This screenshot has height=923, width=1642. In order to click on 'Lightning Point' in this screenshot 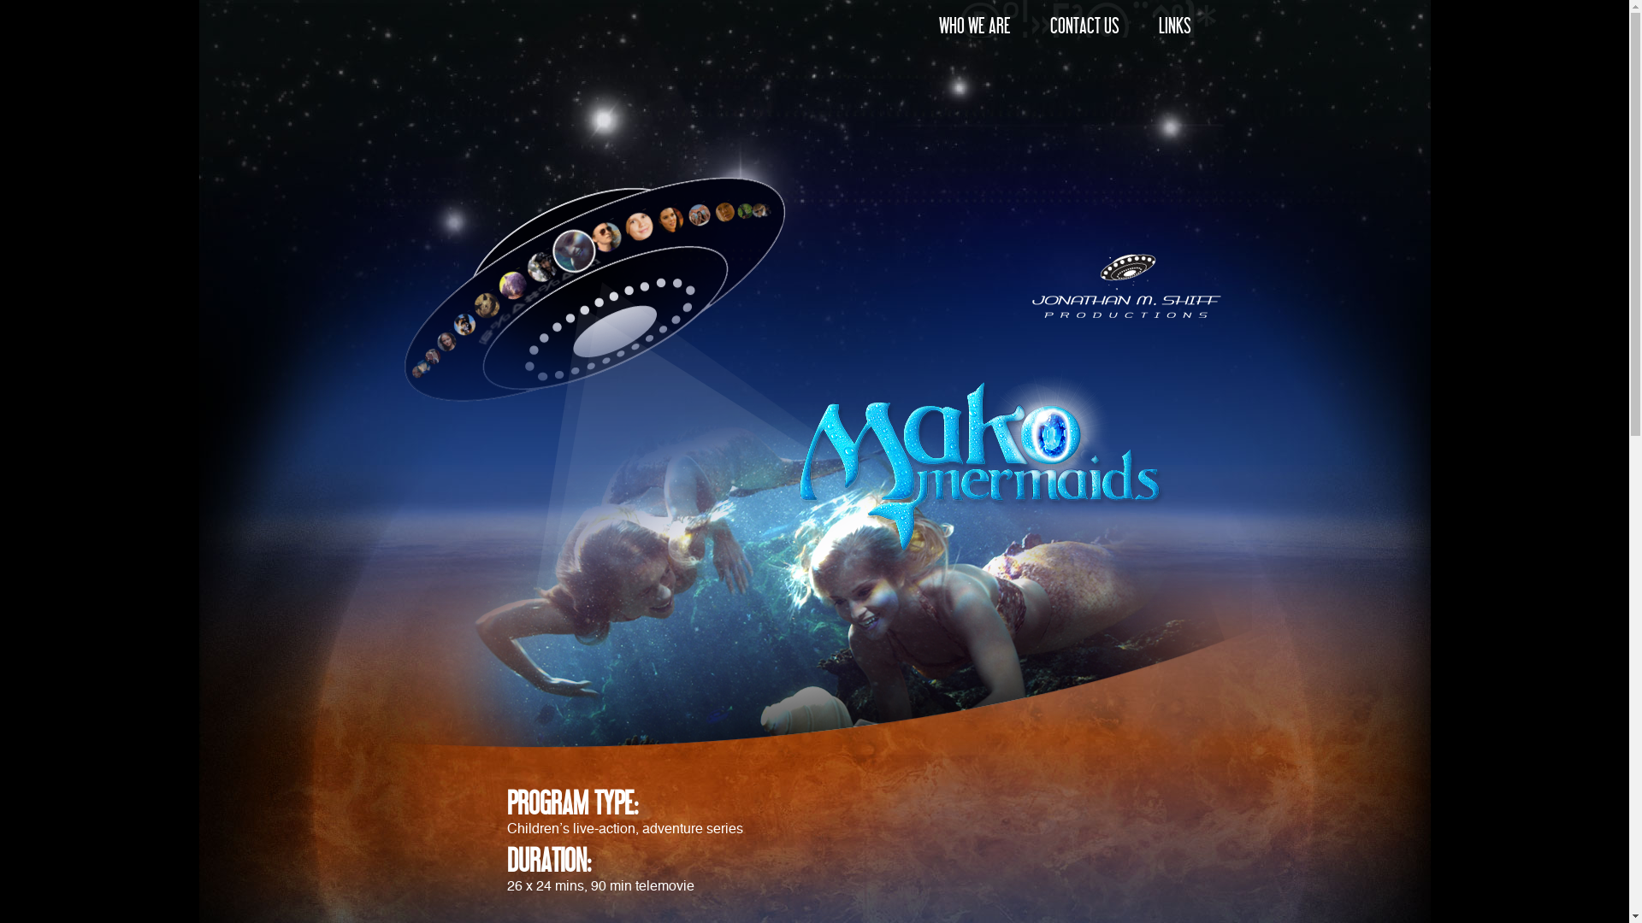, I will do `click(634, 226)`.